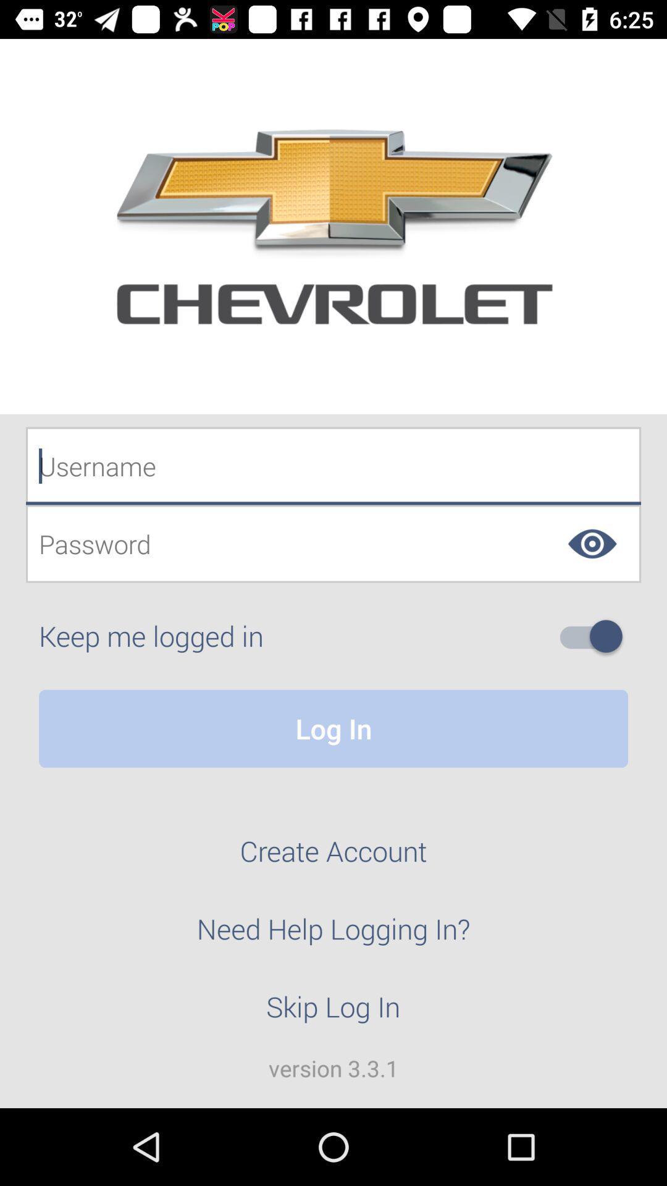 The width and height of the screenshot is (667, 1186). I want to click on type password, so click(333, 544).